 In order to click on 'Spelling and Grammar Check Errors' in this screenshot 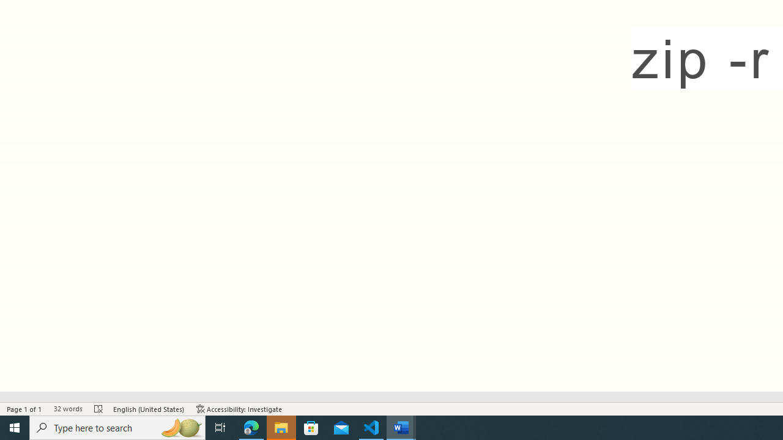, I will do `click(98, 409)`.